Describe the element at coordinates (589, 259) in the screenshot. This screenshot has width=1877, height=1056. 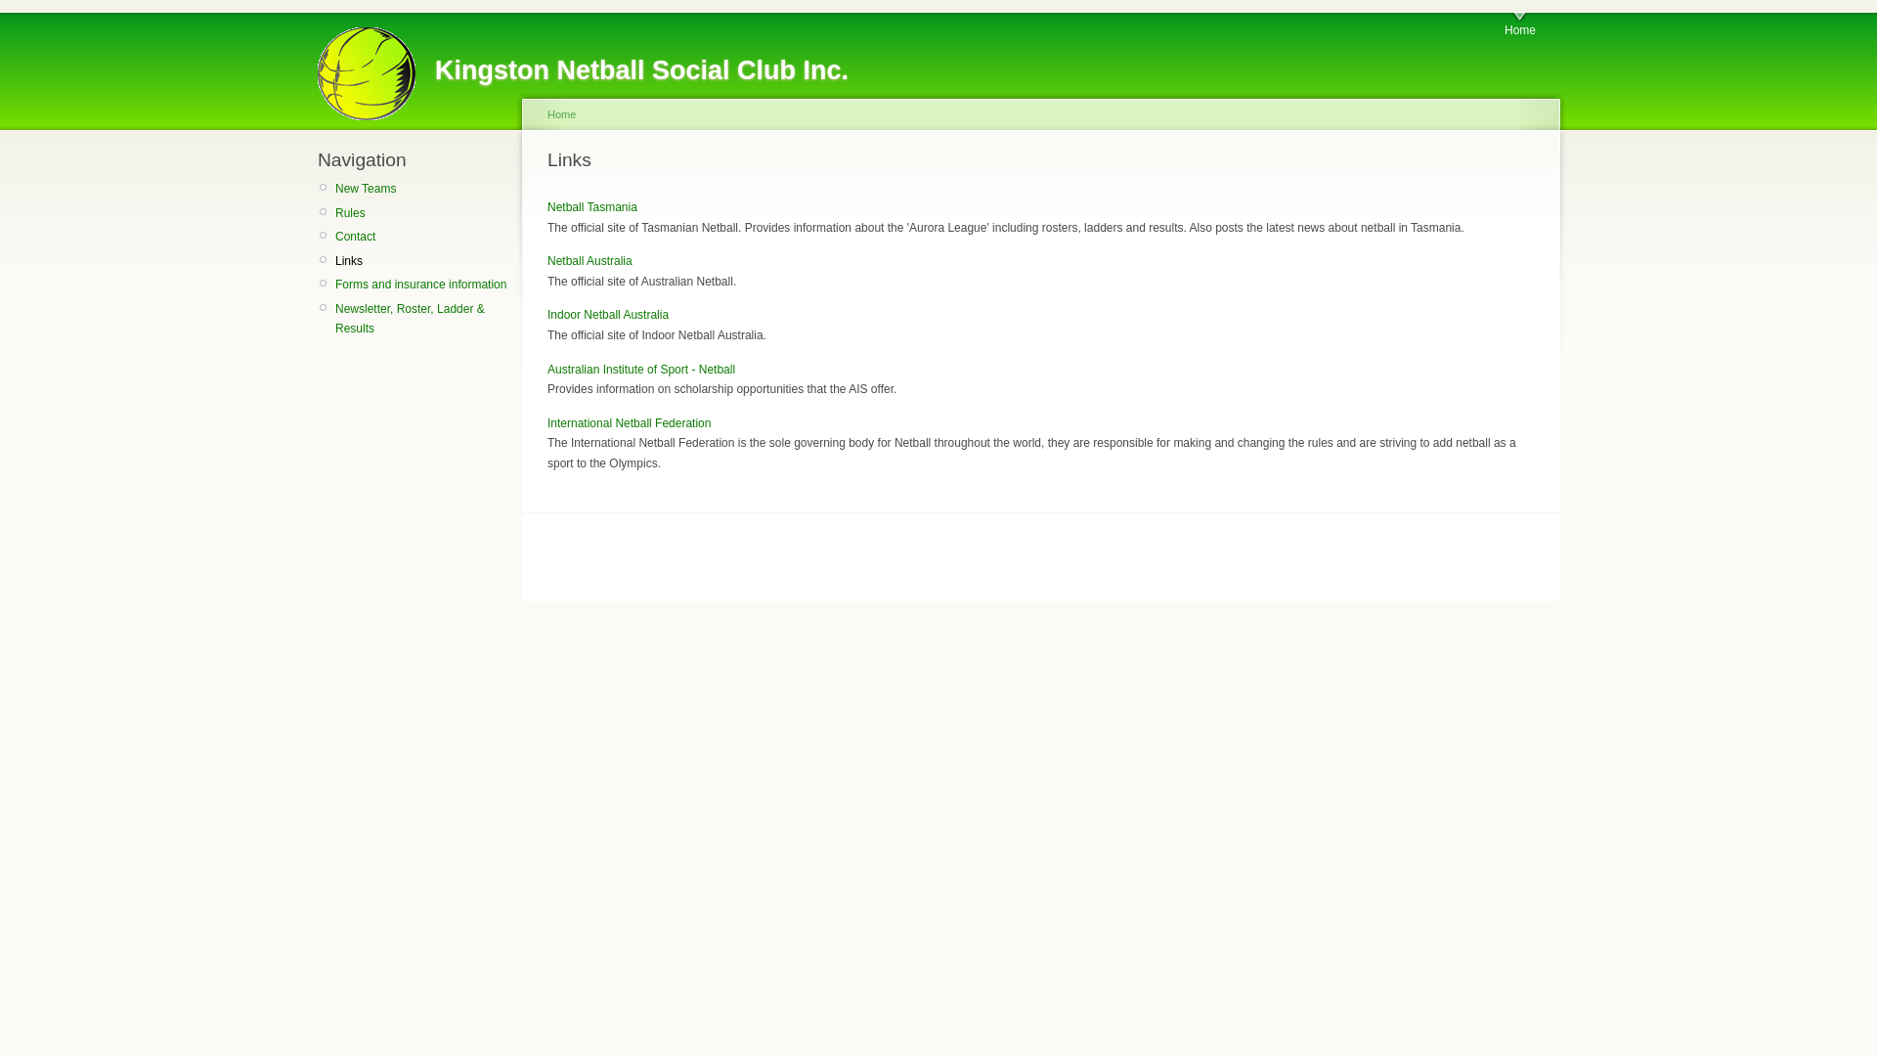
I see `'Netball Australia'` at that location.